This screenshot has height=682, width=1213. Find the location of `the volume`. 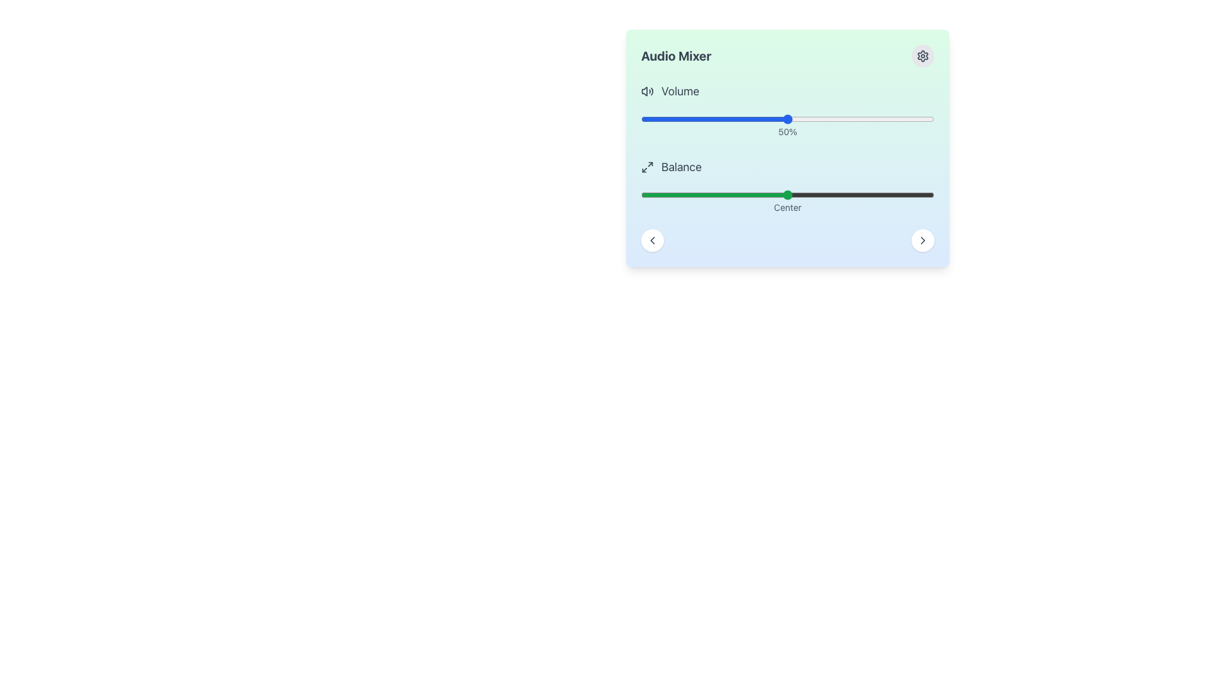

the volume is located at coordinates (670, 119).